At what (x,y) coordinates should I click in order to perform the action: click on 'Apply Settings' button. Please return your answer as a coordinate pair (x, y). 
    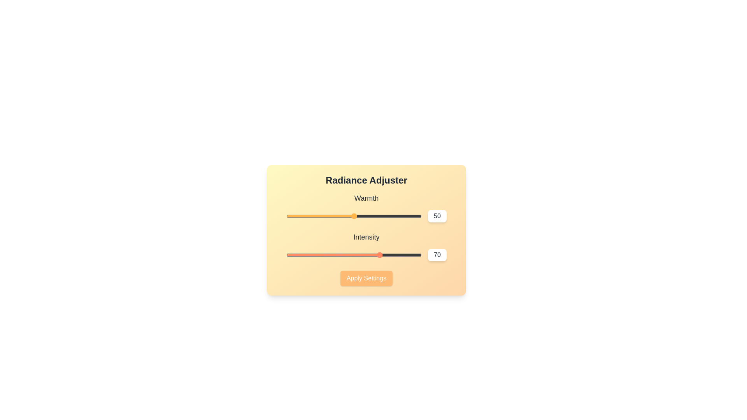
    Looking at the image, I should click on (366, 278).